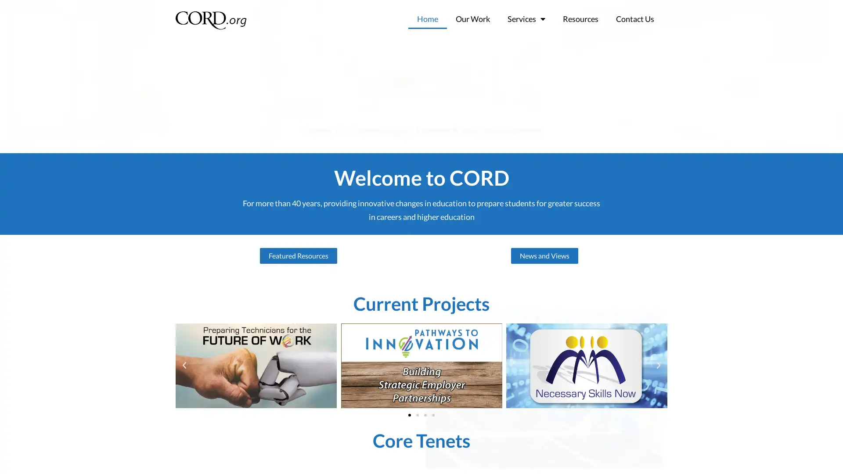 The width and height of the screenshot is (843, 474). I want to click on Previous slide, so click(184, 365).